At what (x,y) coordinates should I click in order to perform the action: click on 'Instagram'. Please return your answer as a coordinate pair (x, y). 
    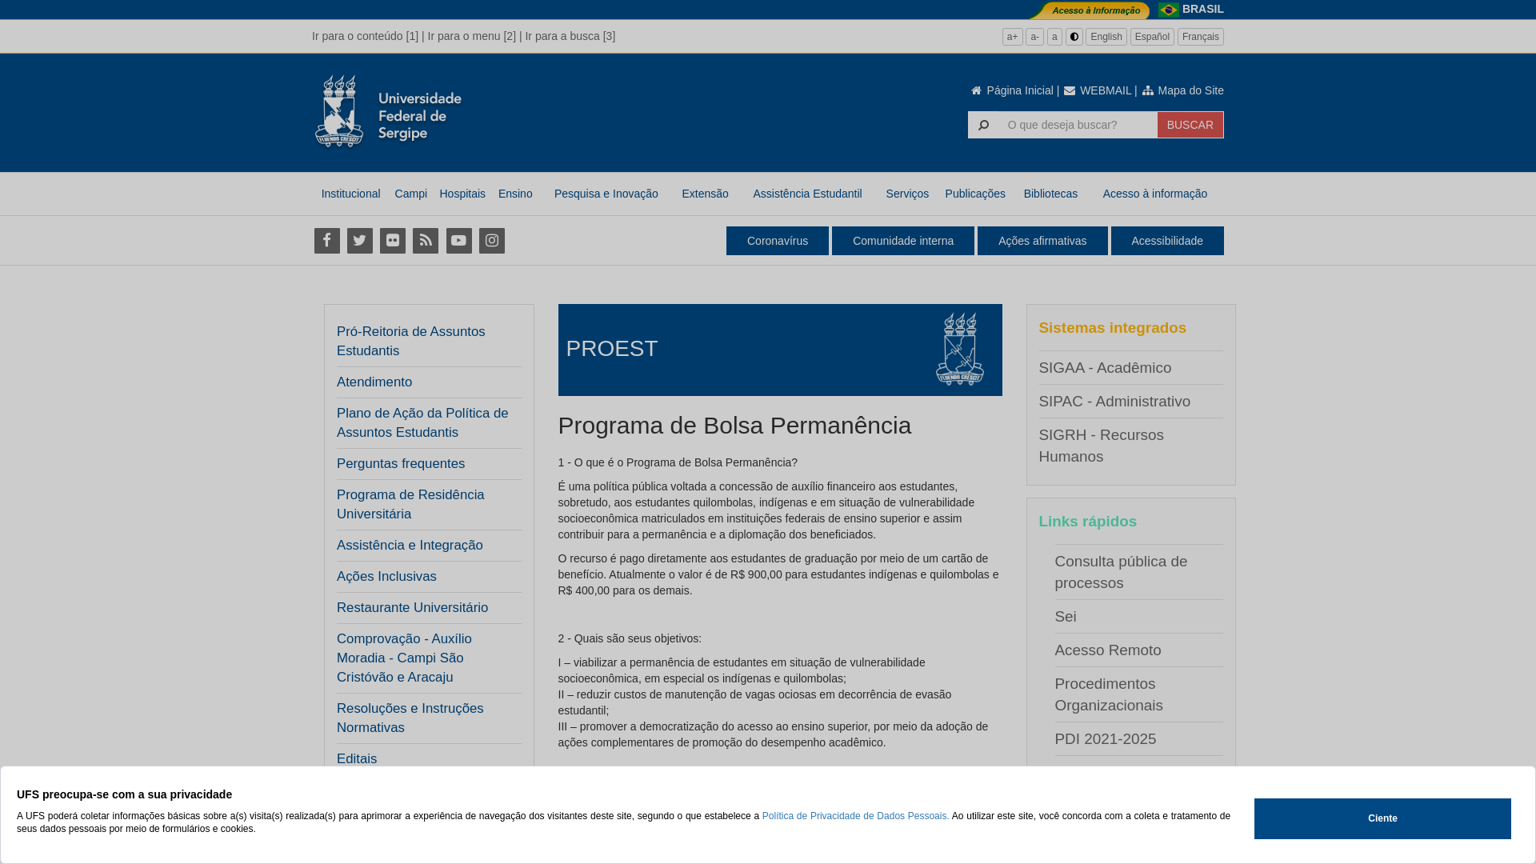
    Looking at the image, I should click on (490, 240).